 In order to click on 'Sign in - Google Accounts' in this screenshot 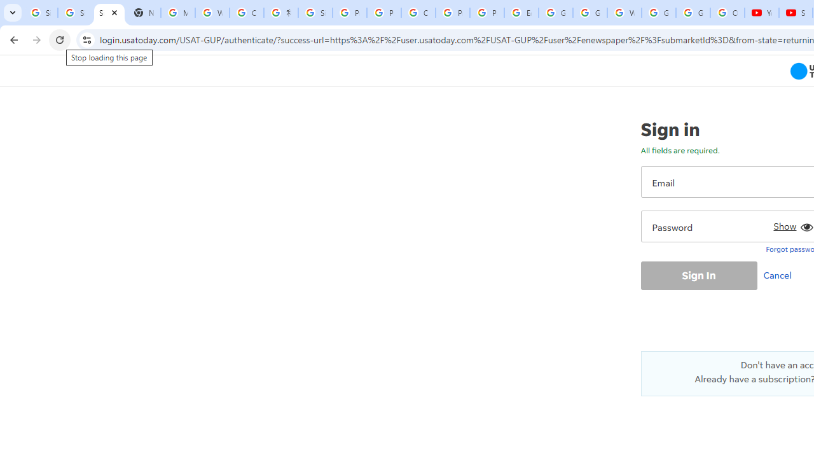, I will do `click(74, 13)`.